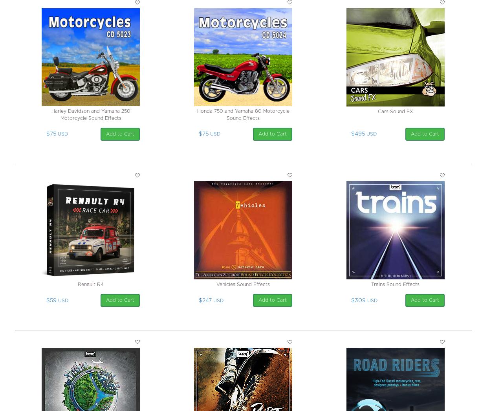 This screenshot has width=491, height=411. What do you see at coordinates (51, 299) in the screenshot?
I see `'$59'` at bounding box center [51, 299].